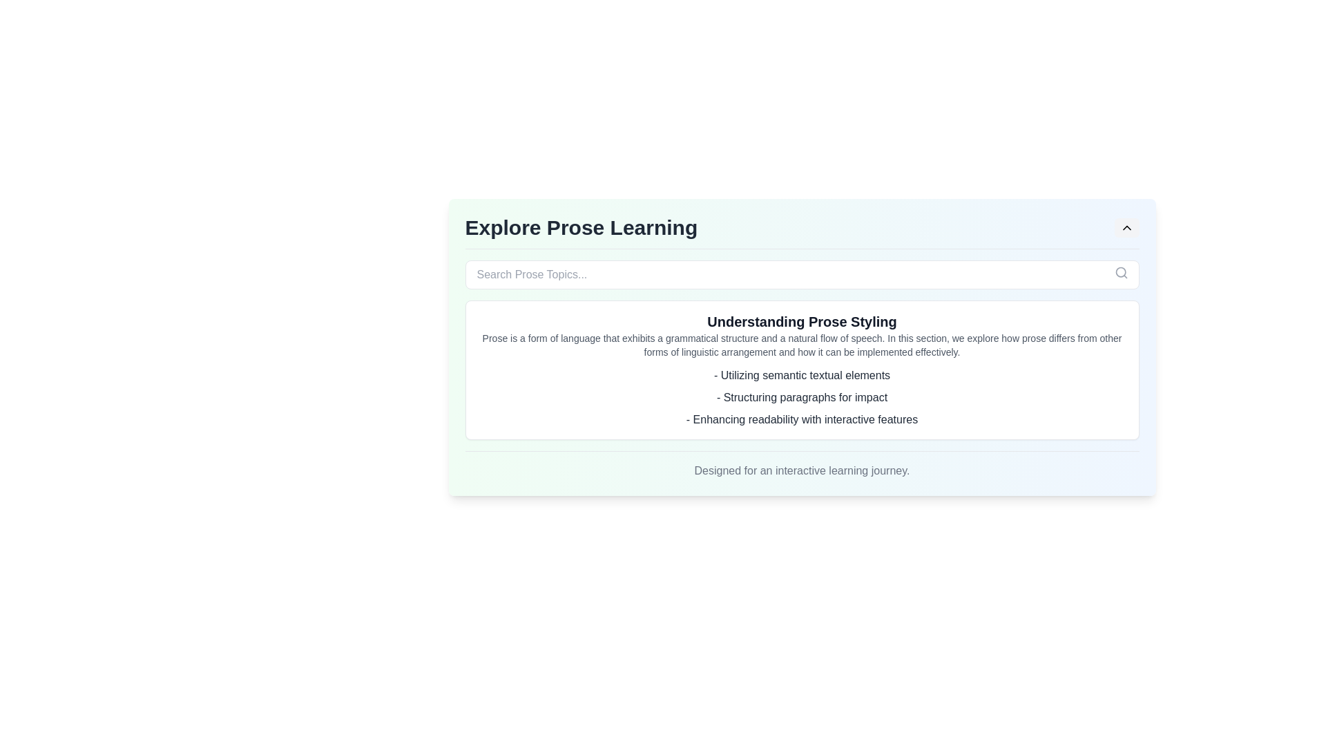 The height and width of the screenshot is (746, 1326). I want to click on the bold black Header text 'Understanding Prose Styling' displayed at the top of the white card component, so click(802, 322).